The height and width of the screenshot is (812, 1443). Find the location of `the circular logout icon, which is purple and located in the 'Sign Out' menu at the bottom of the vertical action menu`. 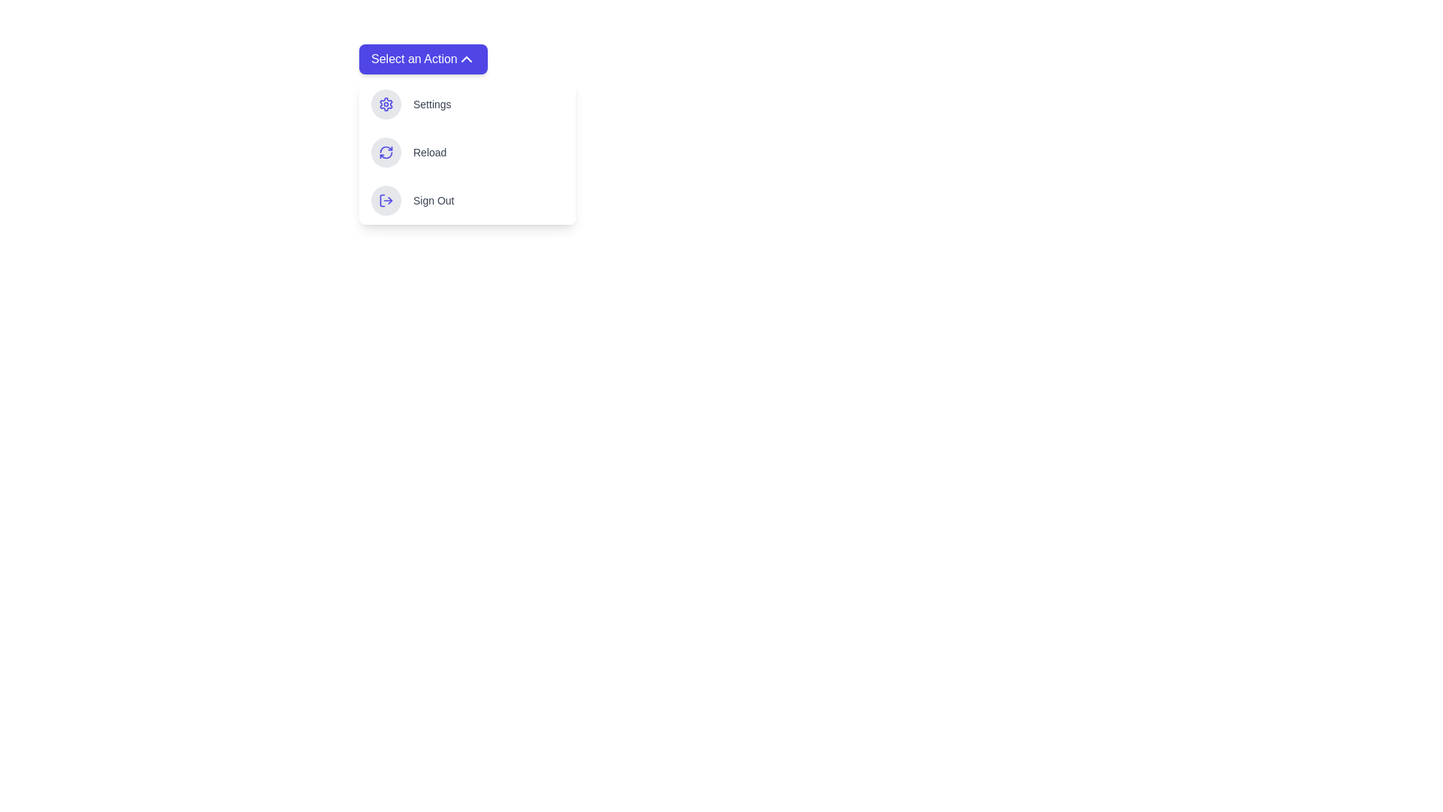

the circular logout icon, which is purple and located in the 'Sign Out' menu at the bottom of the vertical action menu is located at coordinates (386, 199).